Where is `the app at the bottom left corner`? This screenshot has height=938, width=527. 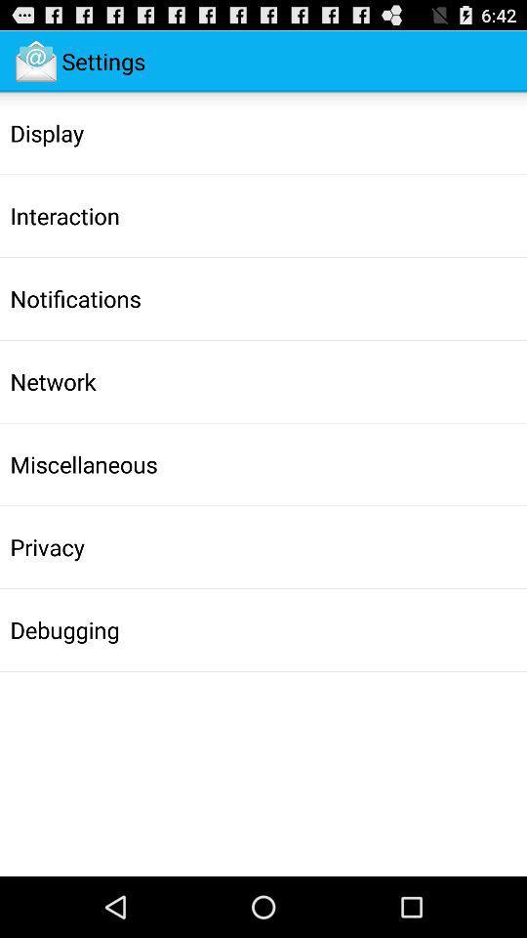
the app at the bottom left corner is located at coordinates (64, 628).